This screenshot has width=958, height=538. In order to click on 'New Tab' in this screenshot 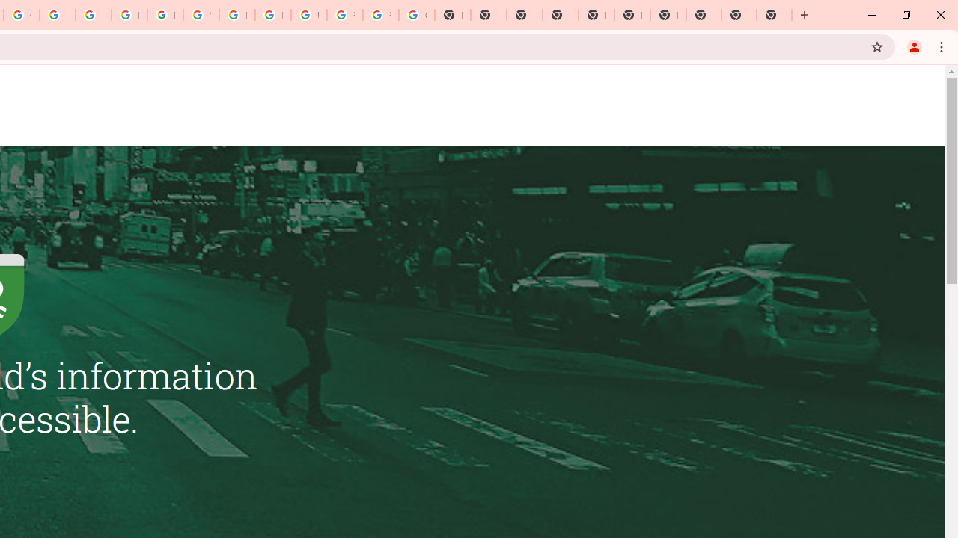, I will do `click(774, 15)`.